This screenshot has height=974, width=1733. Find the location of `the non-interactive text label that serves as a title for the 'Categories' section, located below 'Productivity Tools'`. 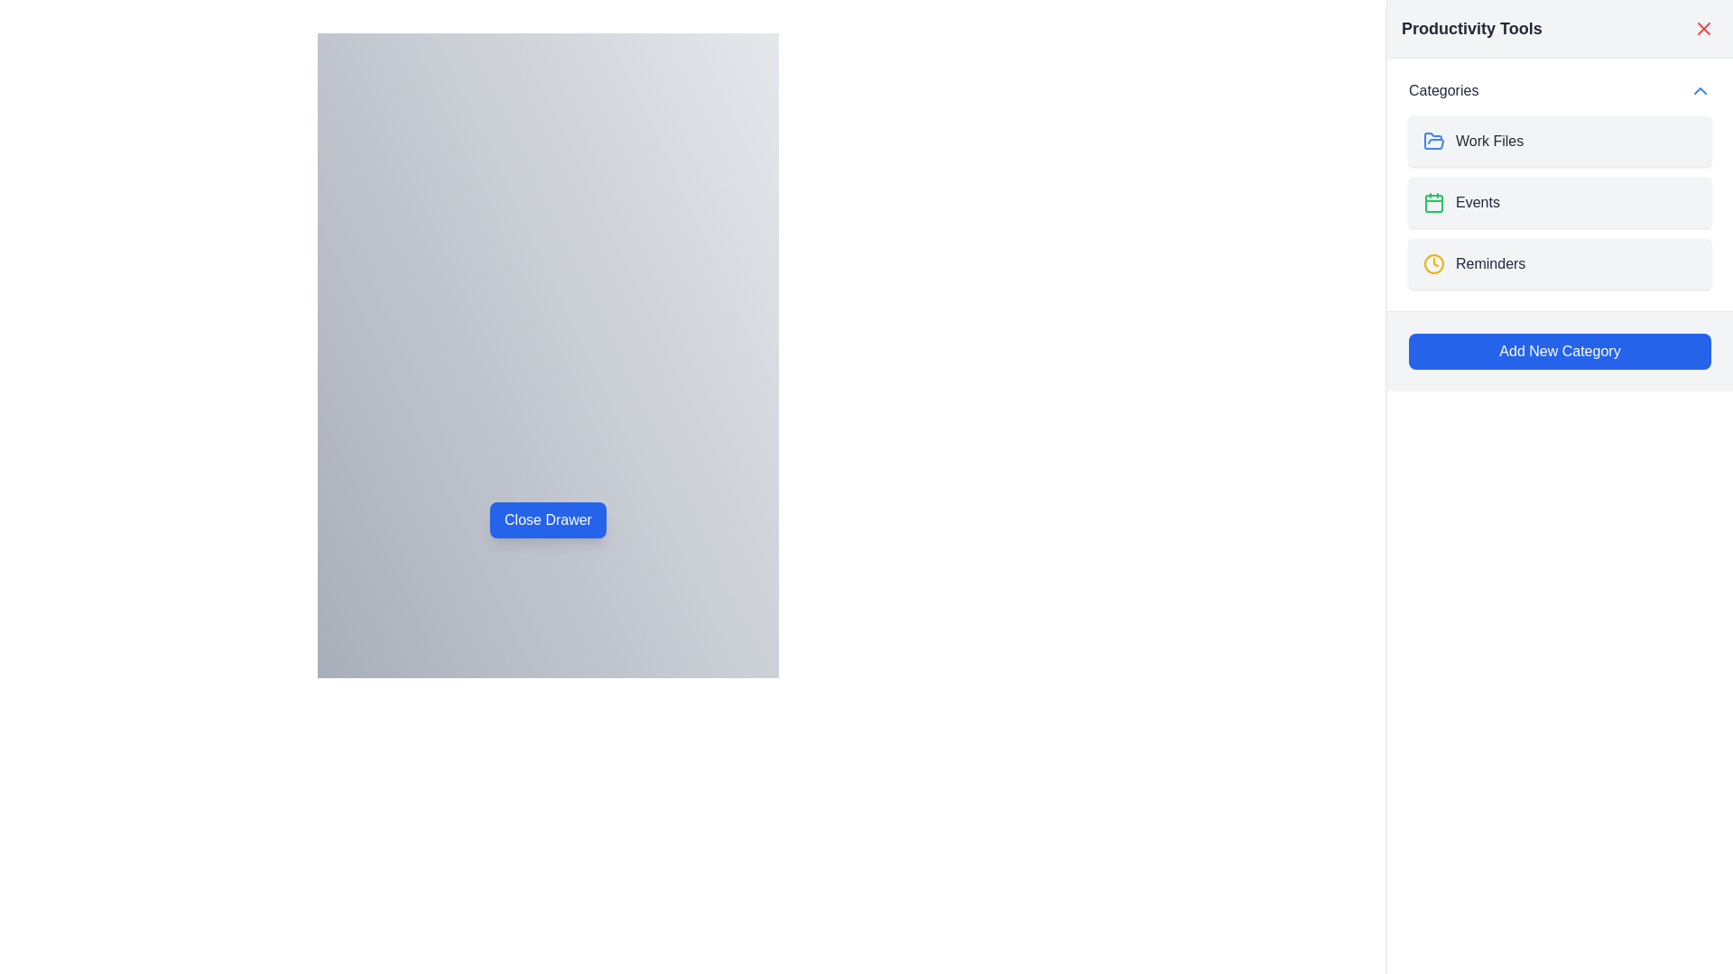

the non-interactive text label that serves as a title for the 'Categories' section, located below 'Productivity Tools' is located at coordinates (1442, 90).